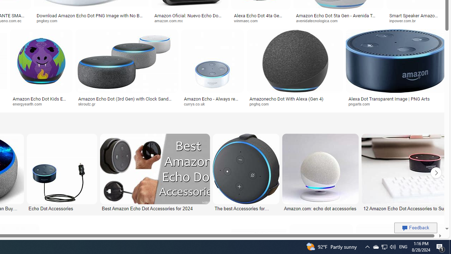 The image size is (451, 254). Describe the element at coordinates (296, 69) in the screenshot. I see `'Amazonecho Dot With Alexa (Gen 4)pnghq.comSave'` at that location.